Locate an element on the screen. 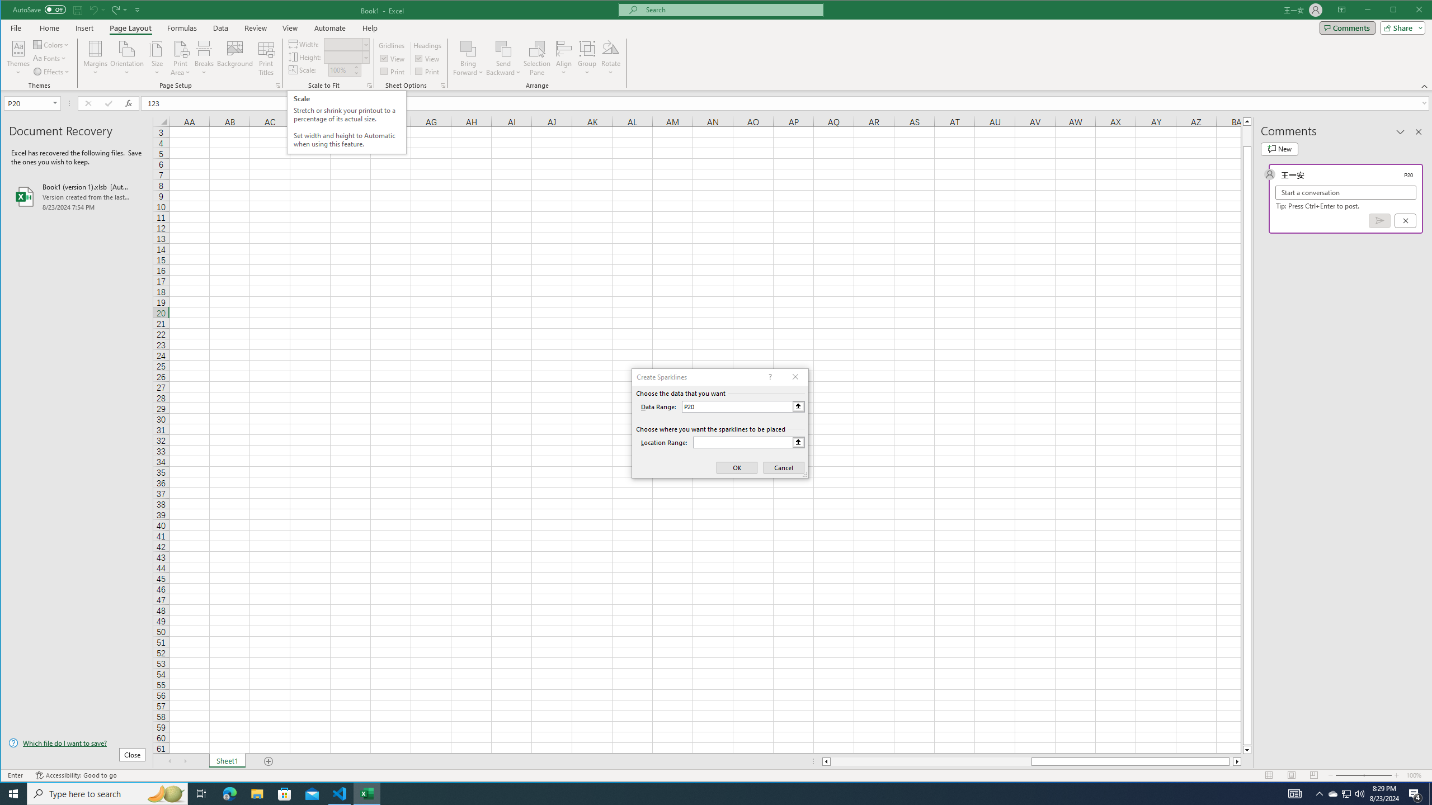 This screenshot has height=805, width=1432. 'New comment' is located at coordinates (1279, 149).